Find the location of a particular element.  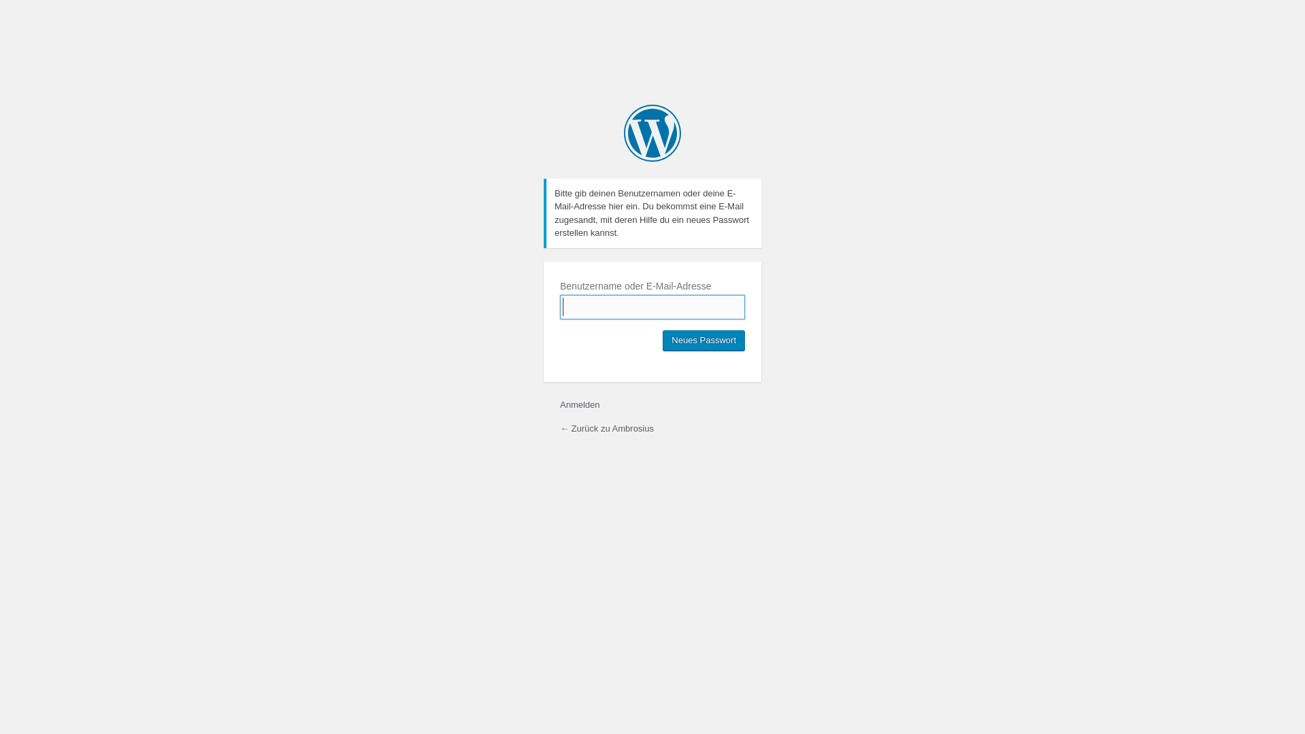

'Neues Passwort' is located at coordinates (703, 340).